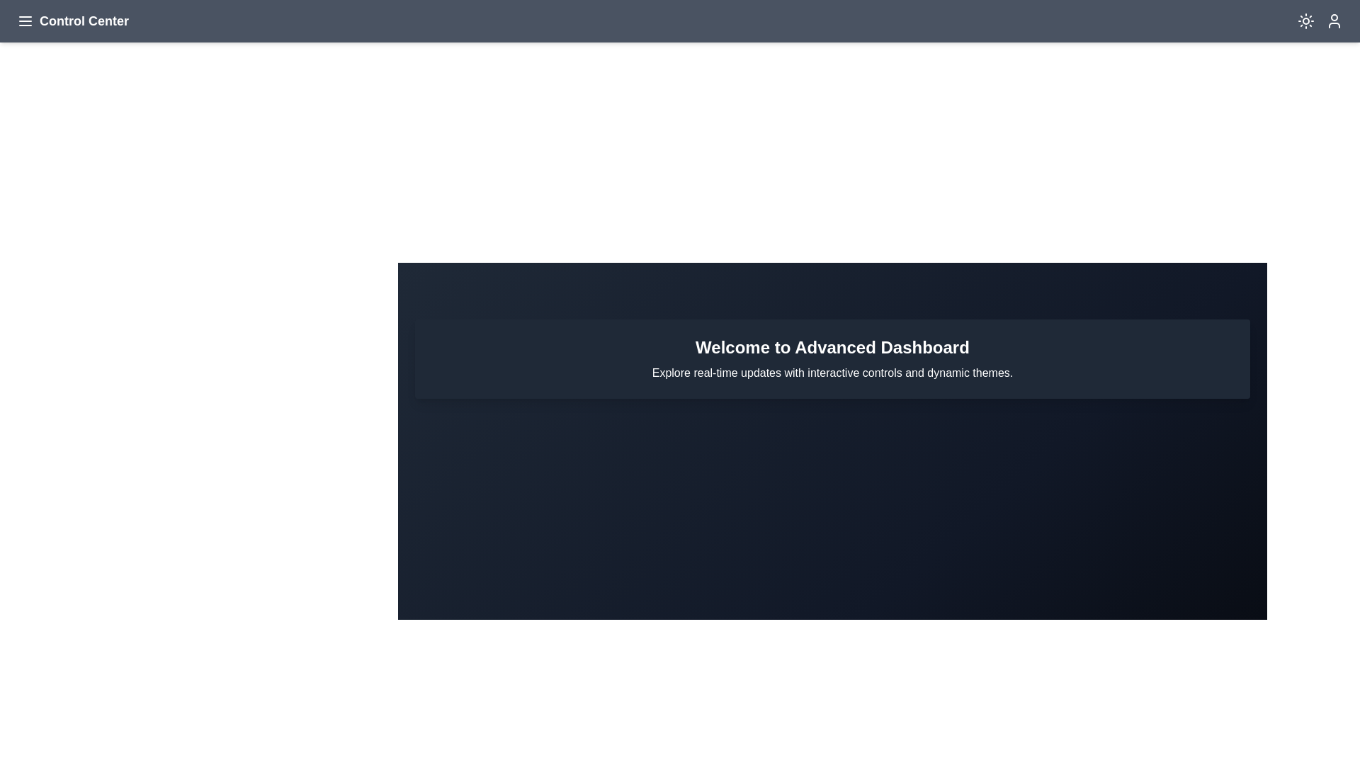  Describe the element at coordinates (1333, 21) in the screenshot. I see `the user icon to access user profile options` at that location.